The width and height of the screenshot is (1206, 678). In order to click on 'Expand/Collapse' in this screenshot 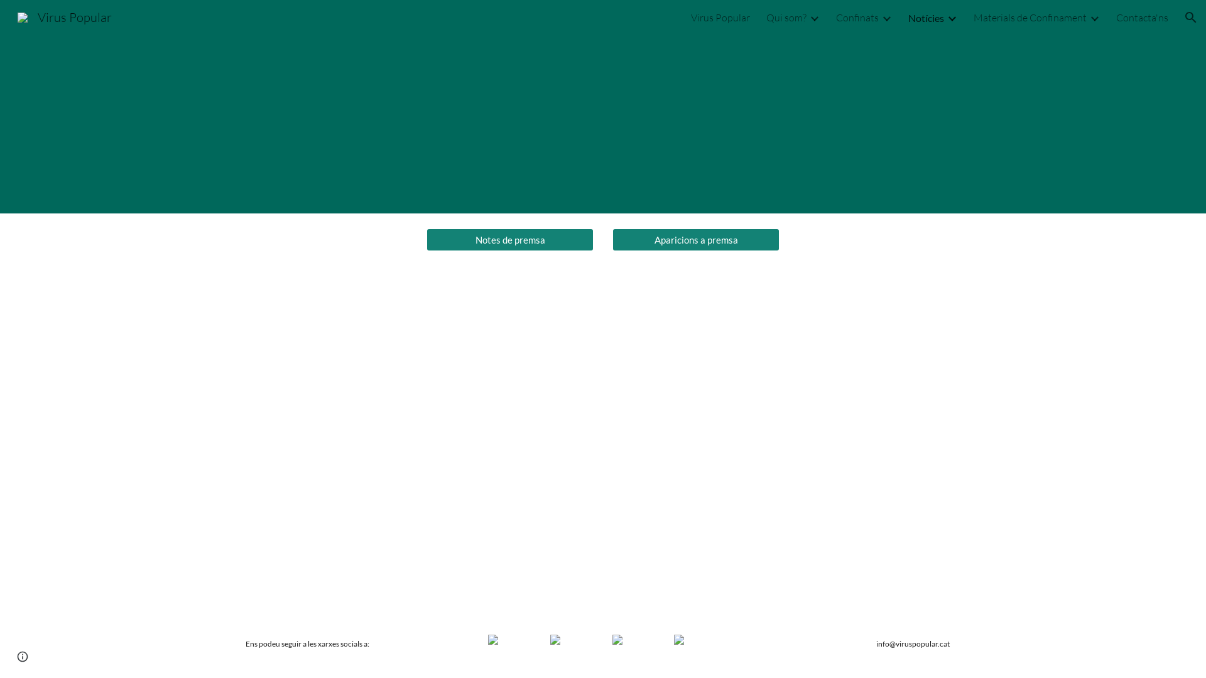, I will do `click(1087, 17)`.